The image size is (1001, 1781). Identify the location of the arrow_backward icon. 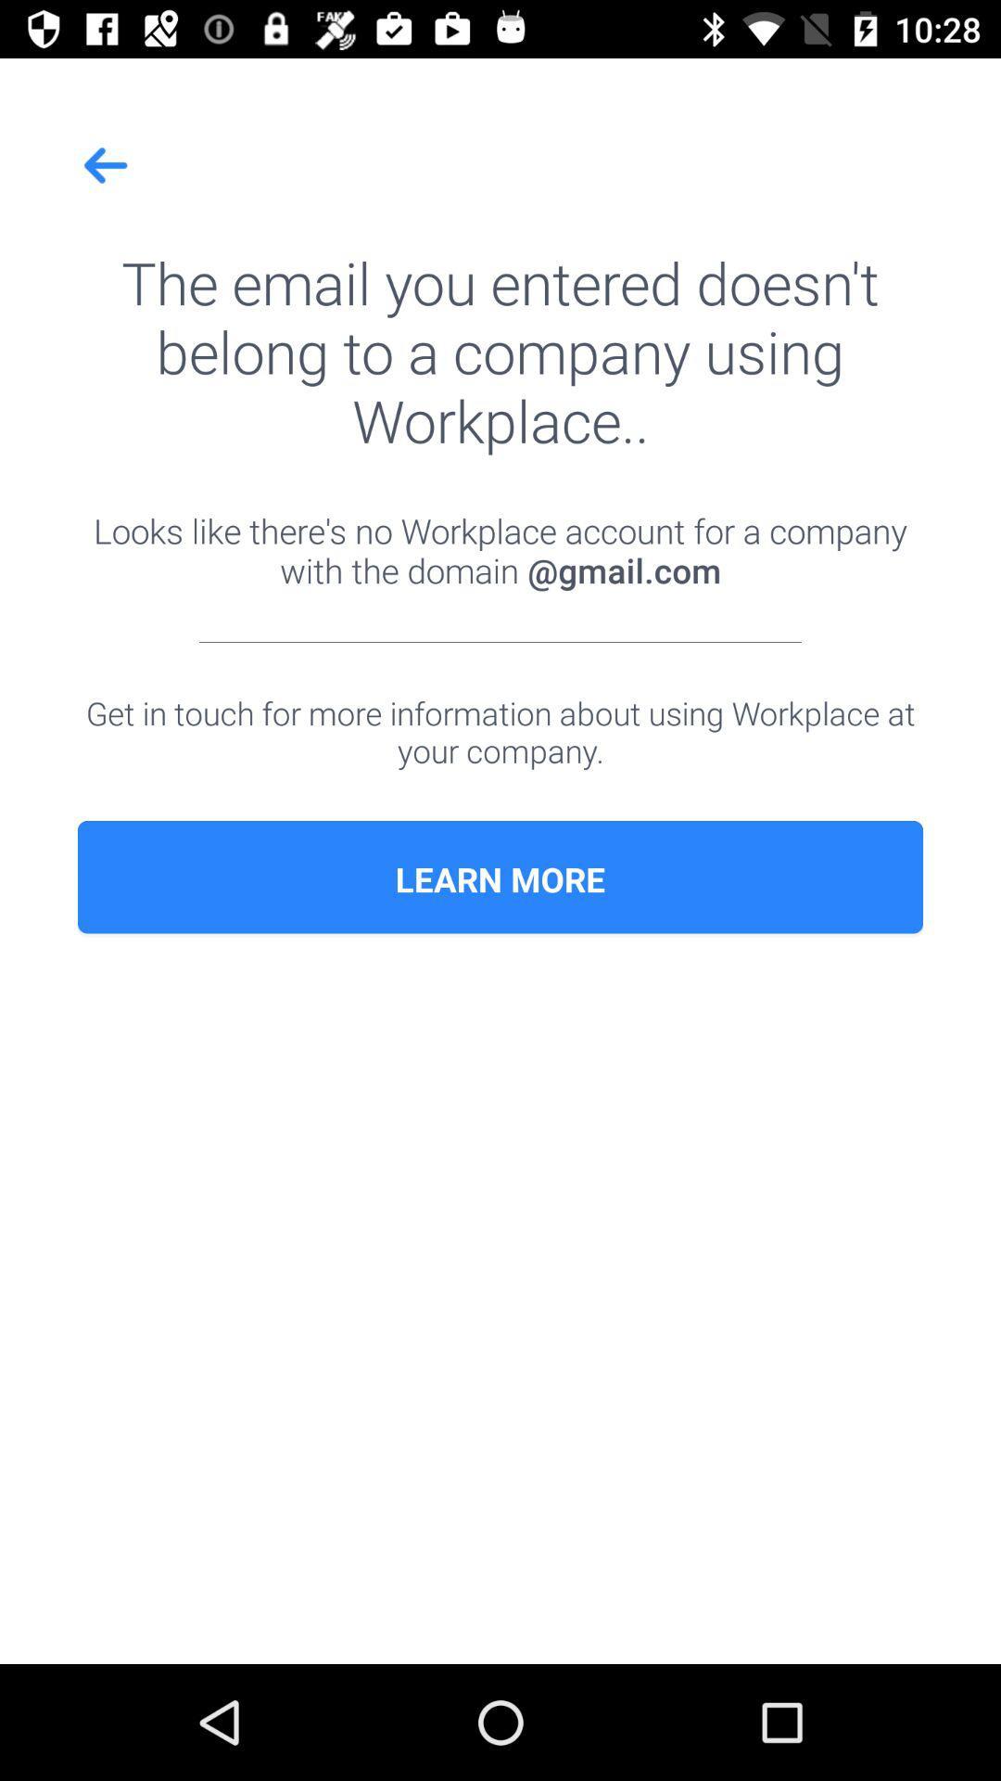
(107, 165).